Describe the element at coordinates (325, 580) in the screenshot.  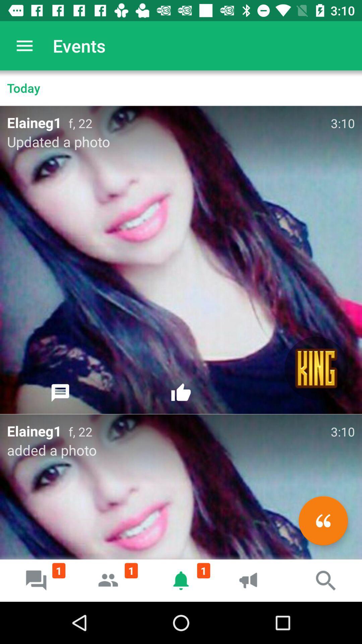
I see `the search button on the bottom right corner of the web page` at that location.